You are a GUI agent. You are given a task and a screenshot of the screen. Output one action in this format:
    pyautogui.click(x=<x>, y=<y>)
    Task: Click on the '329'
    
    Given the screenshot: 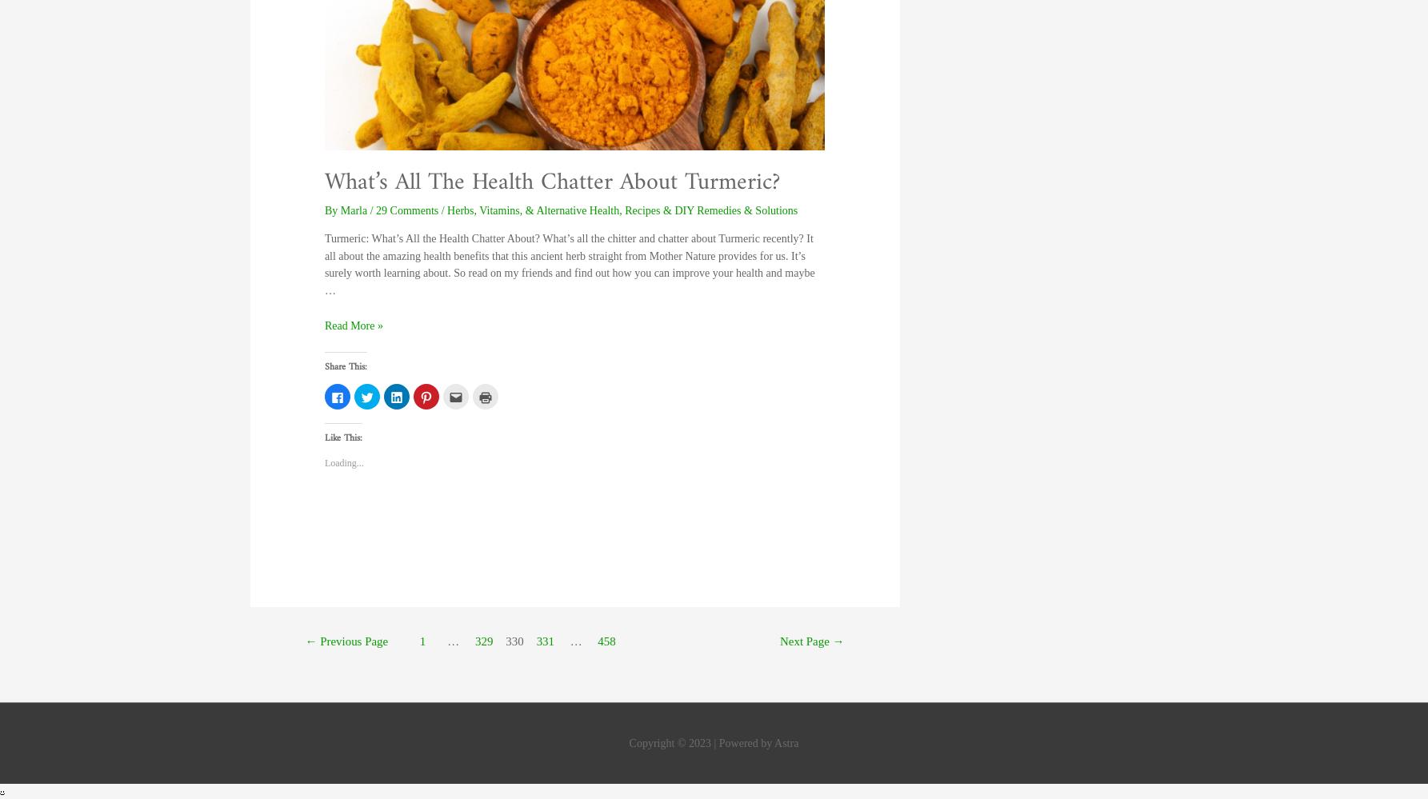 What is the action you would take?
    pyautogui.click(x=483, y=641)
    